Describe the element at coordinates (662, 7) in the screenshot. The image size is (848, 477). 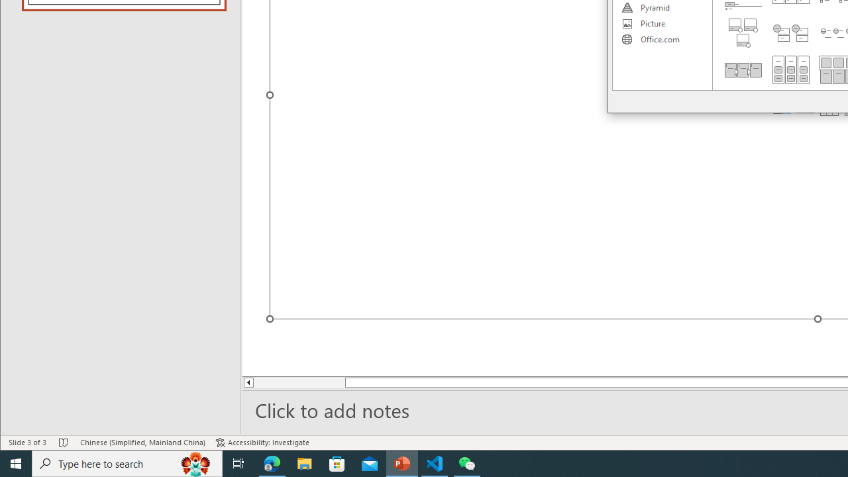
I see `'Pyramid'` at that location.